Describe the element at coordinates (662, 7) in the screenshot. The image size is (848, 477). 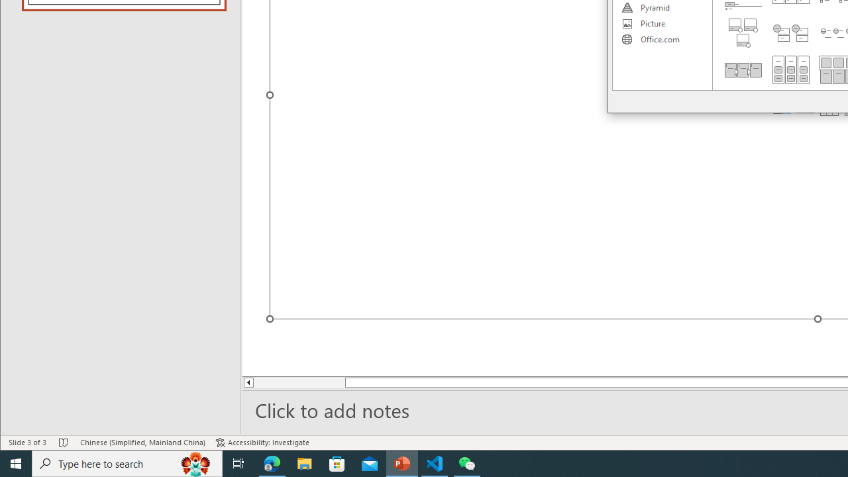
I see `'Pyramid'` at that location.